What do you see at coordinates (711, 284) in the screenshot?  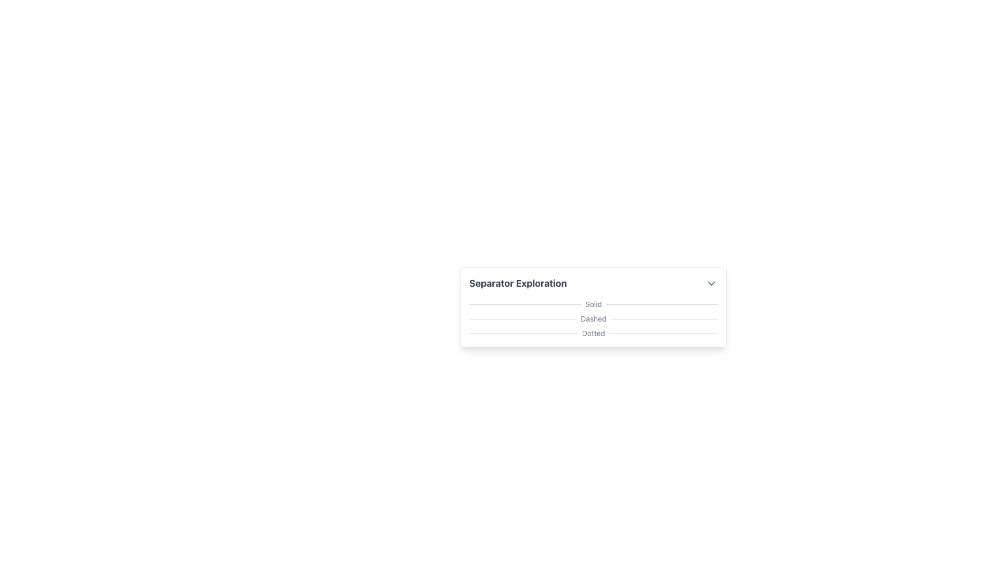 I see `the dropdown toggle icon located to the right of the text 'Separator Exploration'` at bounding box center [711, 284].